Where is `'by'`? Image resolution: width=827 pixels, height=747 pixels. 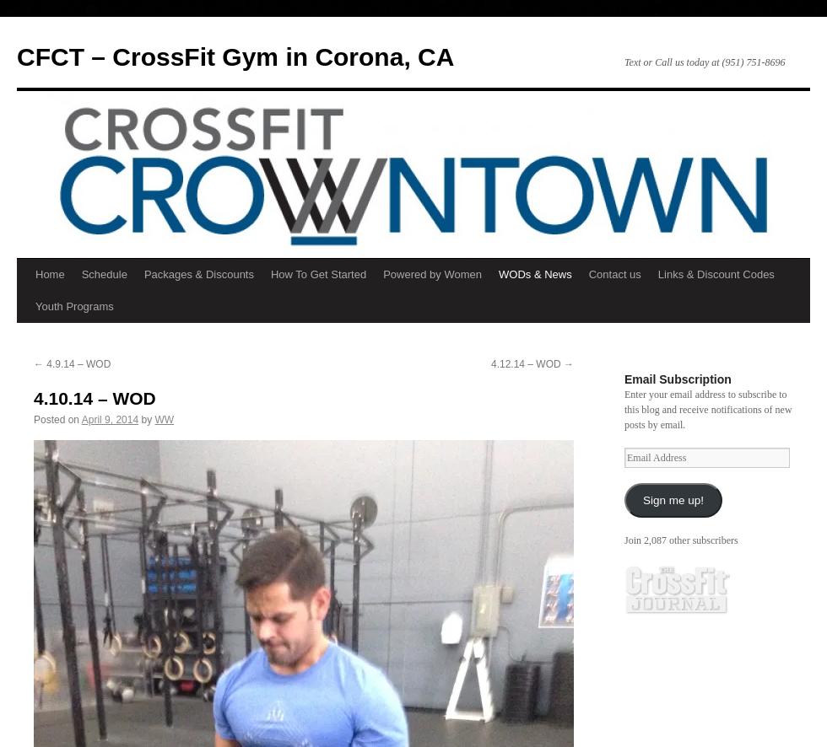
'by' is located at coordinates (146, 419).